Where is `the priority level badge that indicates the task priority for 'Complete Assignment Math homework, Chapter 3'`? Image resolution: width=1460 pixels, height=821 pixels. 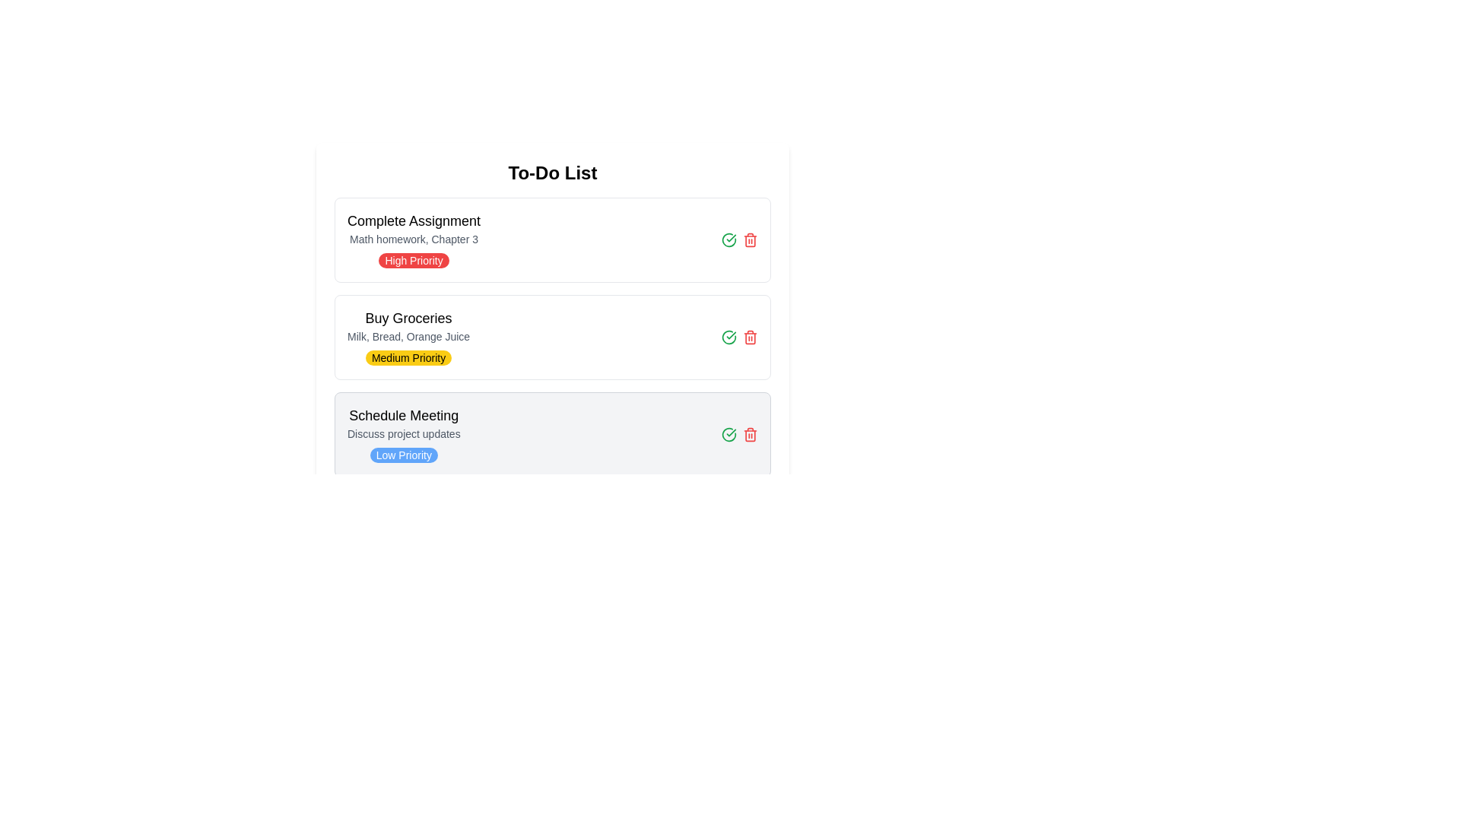 the priority level badge that indicates the task priority for 'Complete Assignment Math homework, Chapter 3' is located at coordinates (414, 260).